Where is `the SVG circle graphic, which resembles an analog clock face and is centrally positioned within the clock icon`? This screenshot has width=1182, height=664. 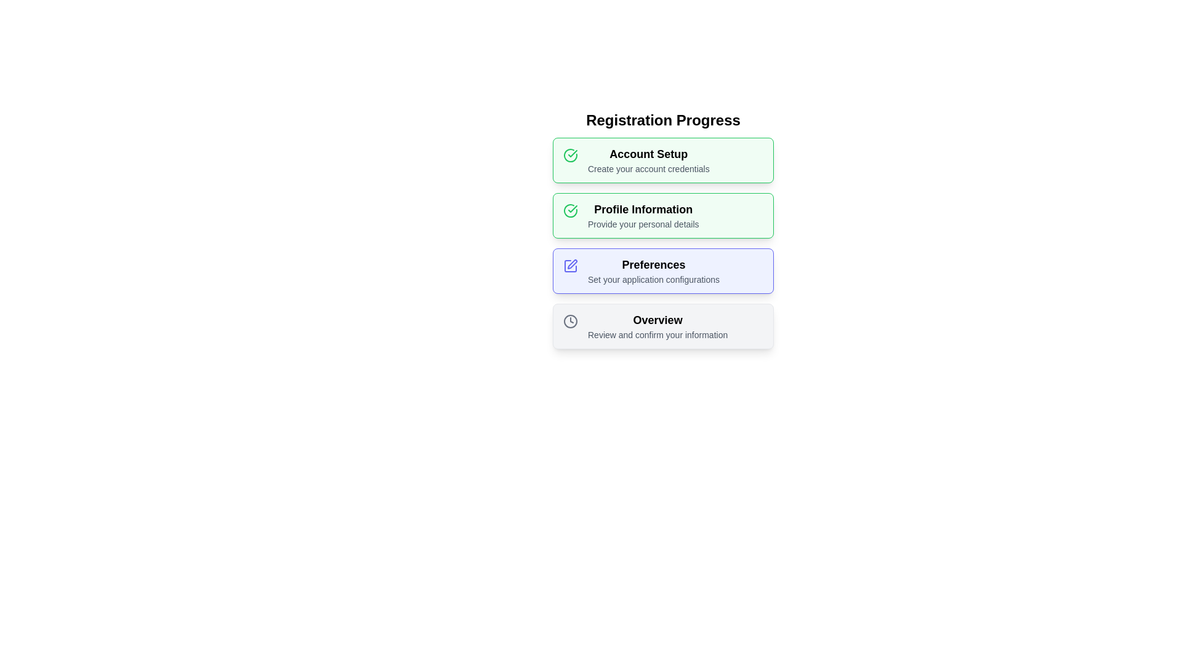 the SVG circle graphic, which resembles an analog clock face and is centrally positioned within the clock icon is located at coordinates (569, 321).